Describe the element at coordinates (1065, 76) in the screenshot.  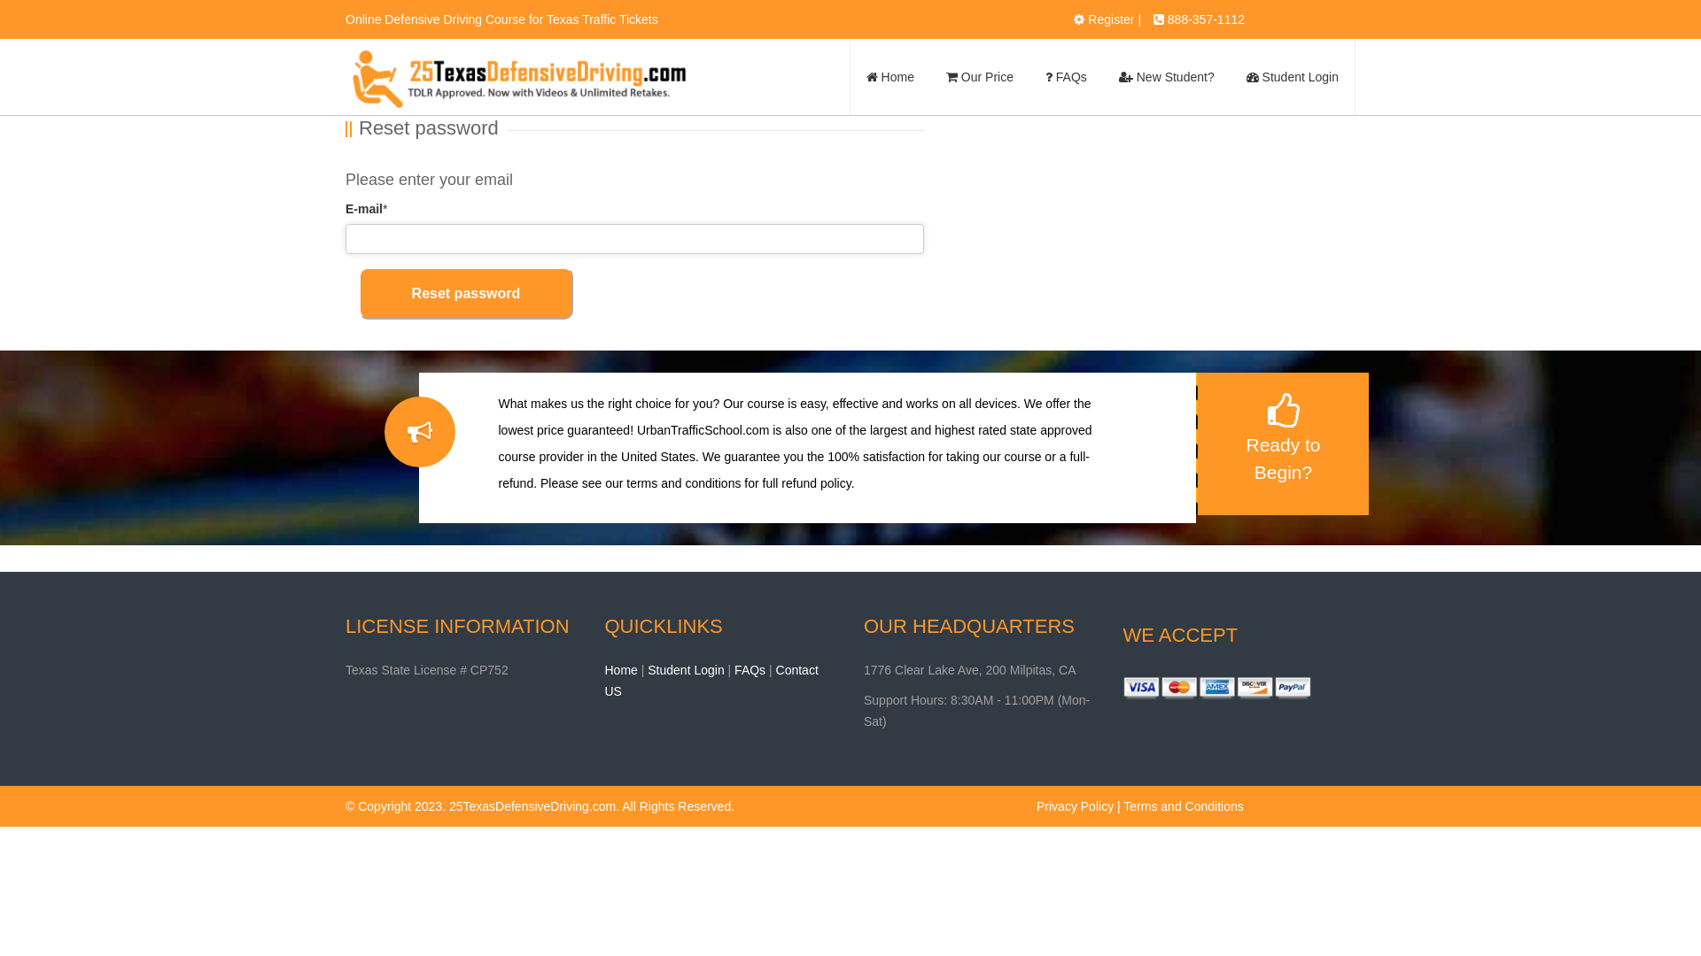
I see `'FAQs'` at that location.